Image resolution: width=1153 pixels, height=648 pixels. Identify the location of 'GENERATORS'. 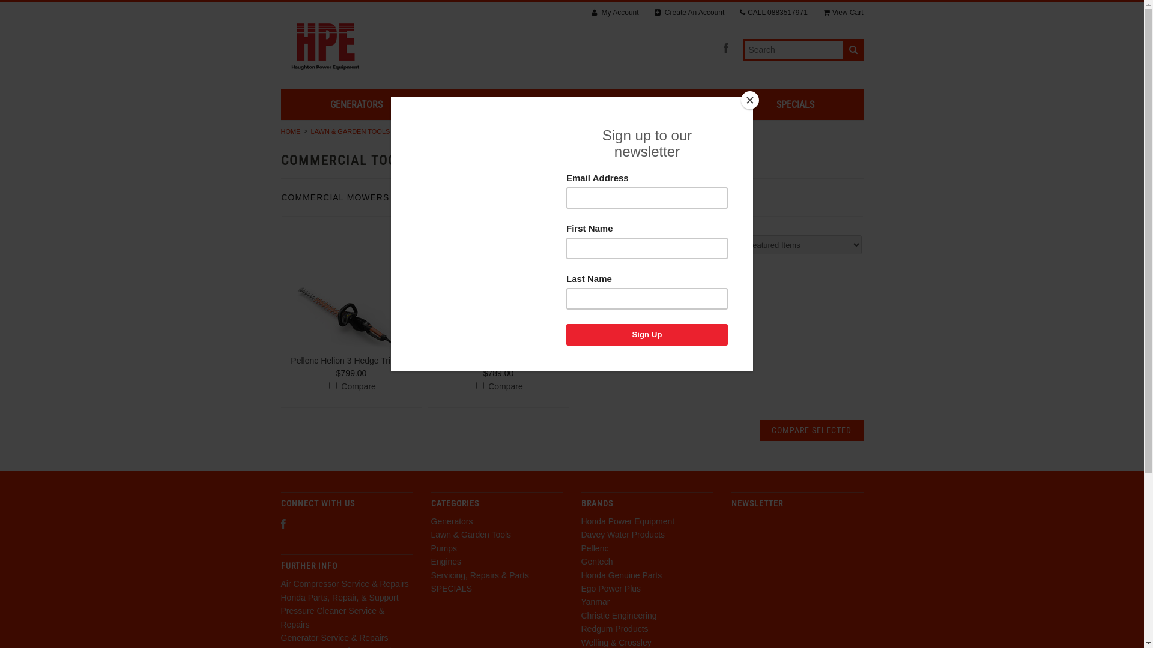
(356, 104).